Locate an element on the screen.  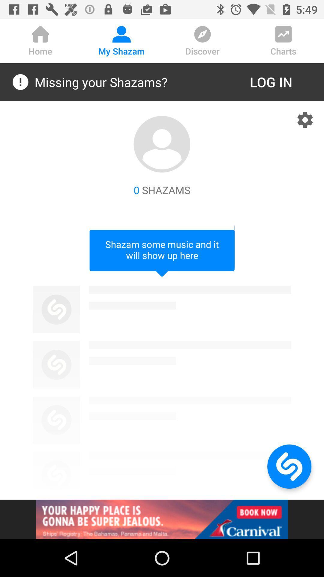
settings is located at coordinates (305, 120).